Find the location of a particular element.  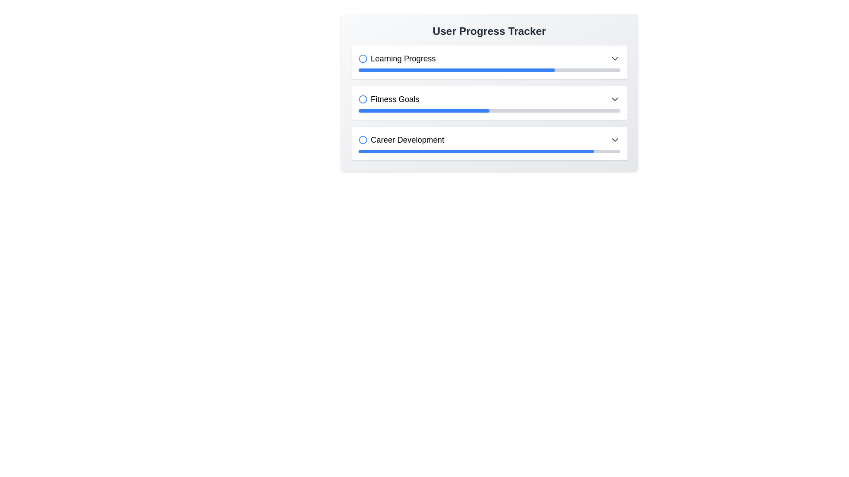

the small circular blue outline icon with a white background located beside the 'Learning Progress' text is located at coordinates (363, 58).